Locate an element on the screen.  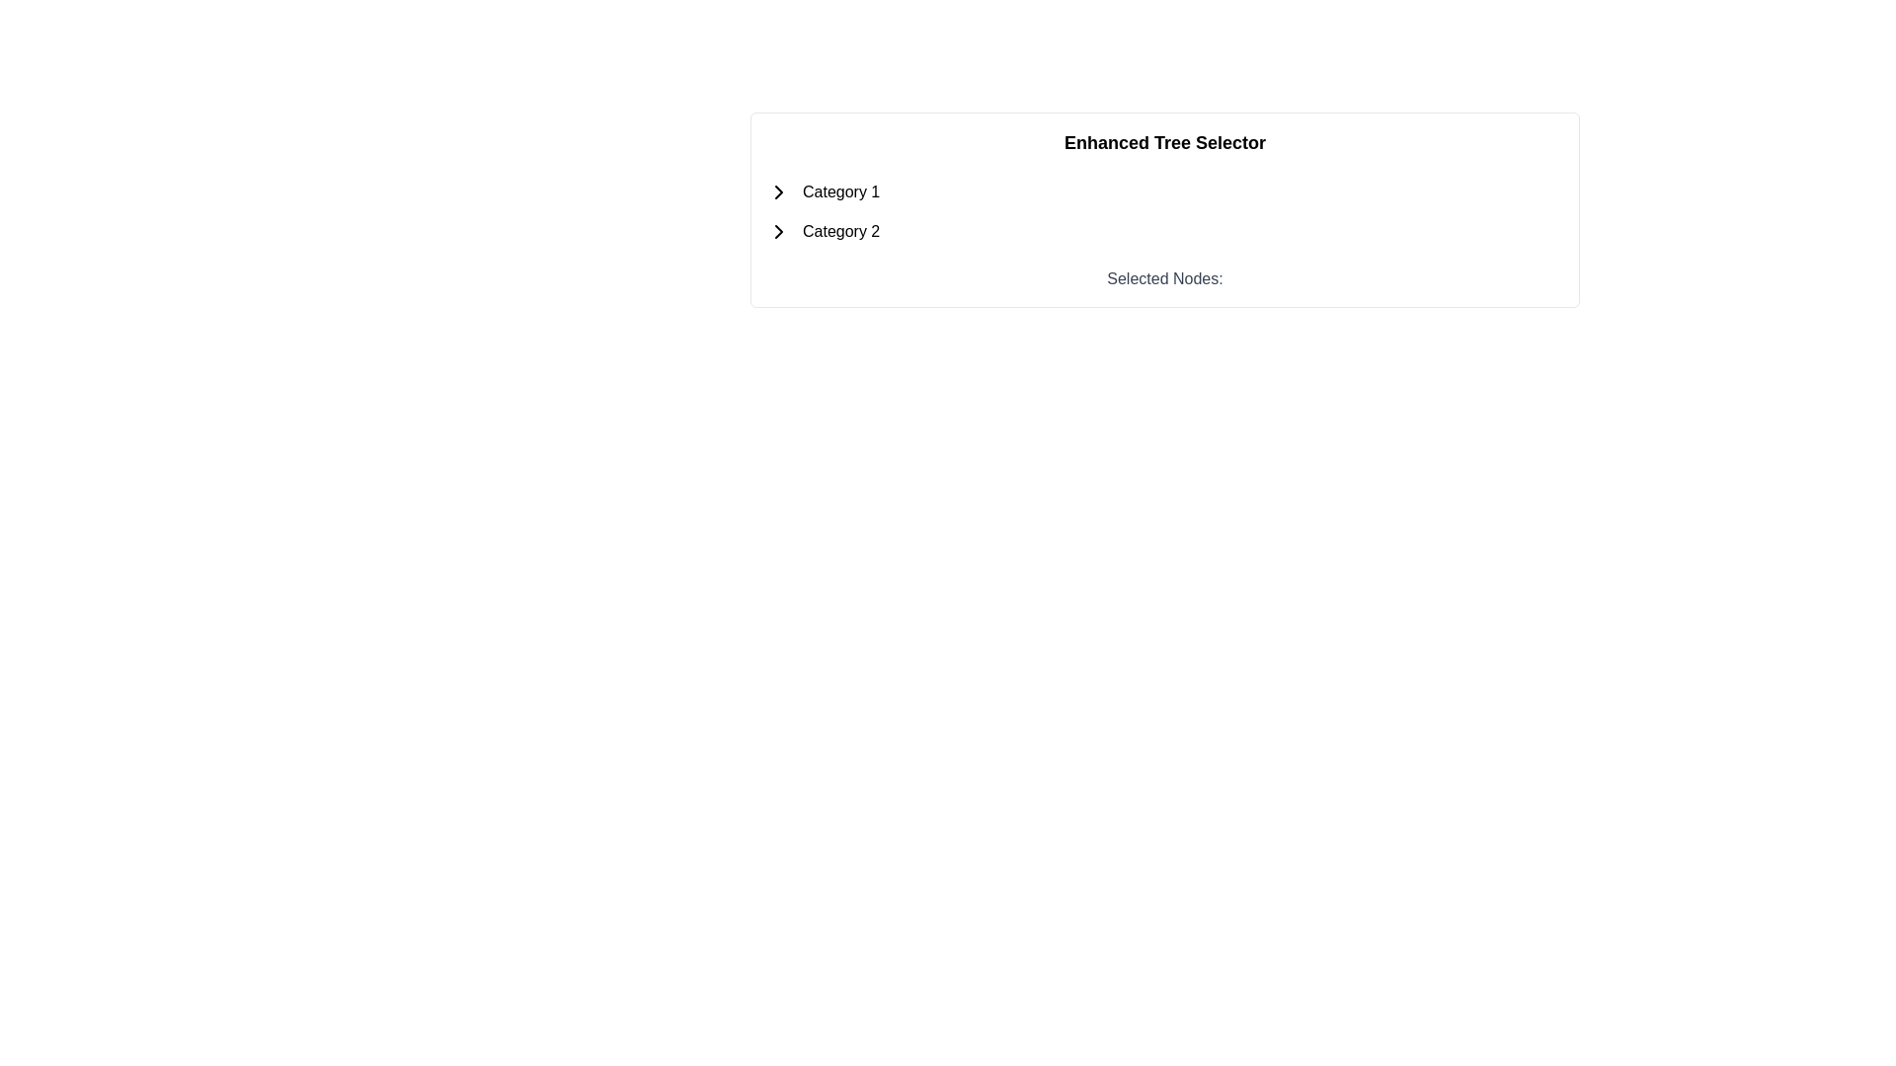
the rightward-pointing chevron icon used for category expansion in the 'Enhanced Tree Selector' interface for keyboard navigation is located at coordinates (777, 192).